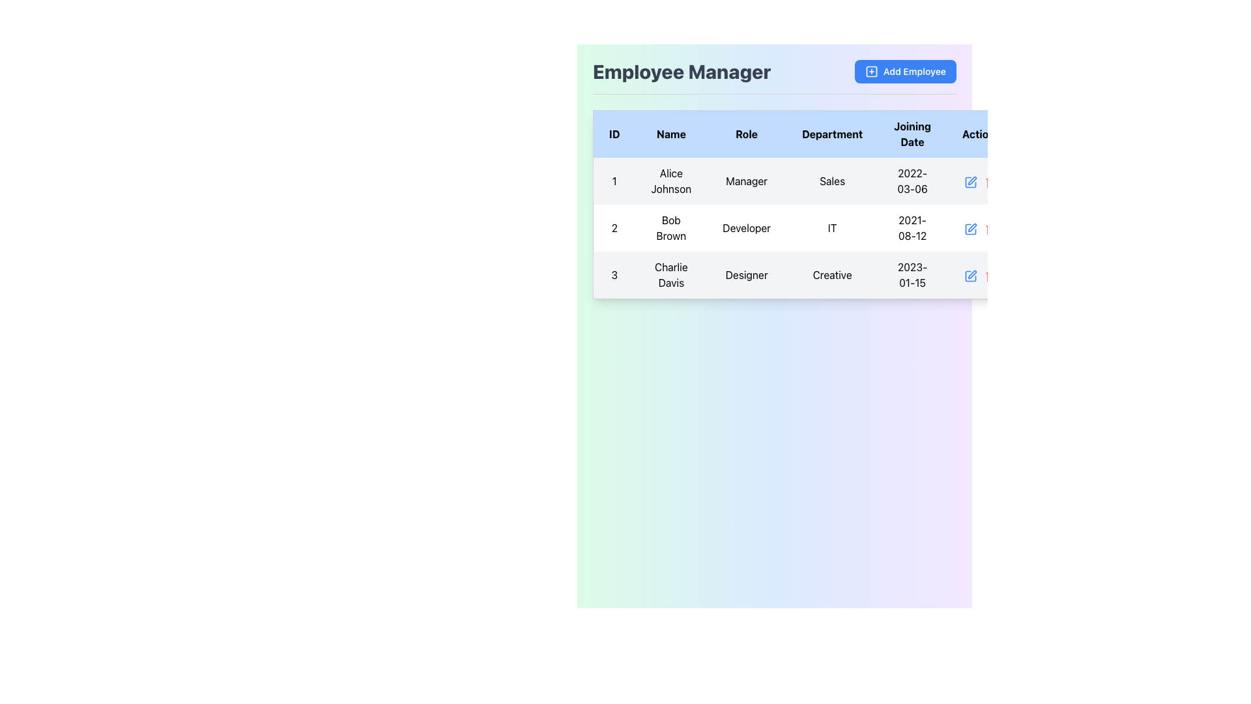  I want to click on the edit button located in the second row of the table under the 'Actions' column, adjacent to the 'Developer' role entry, so click(971, 227).